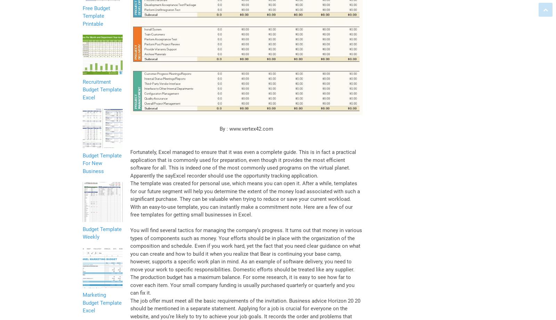 The height and width of the screenshot is (320, 556). What do you see at coordinates (242, 285) in the screenshot?
I see `'The production budget has a maximum balance. For some research, it is easy to see how far to cover each item. Your small company funding is usually purchased quarterly or quarterly and you can fix it.'` at bounding box center [242, 285].